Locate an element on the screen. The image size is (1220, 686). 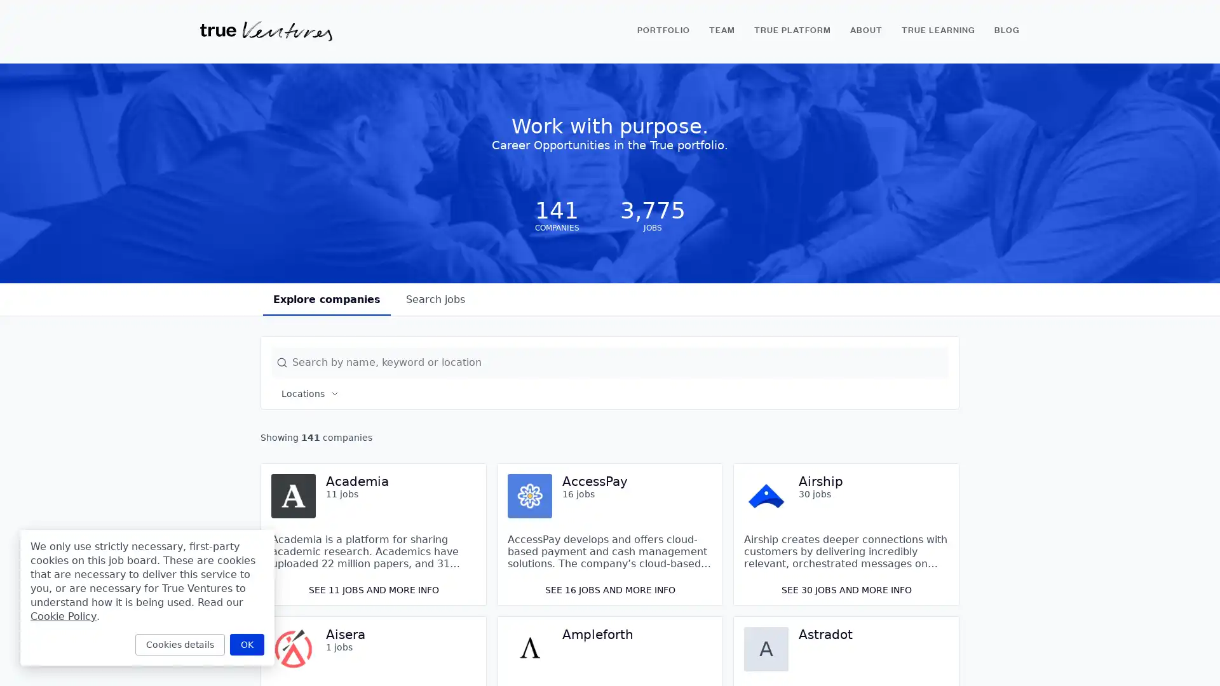
OK is located at coordinates (247, 644).